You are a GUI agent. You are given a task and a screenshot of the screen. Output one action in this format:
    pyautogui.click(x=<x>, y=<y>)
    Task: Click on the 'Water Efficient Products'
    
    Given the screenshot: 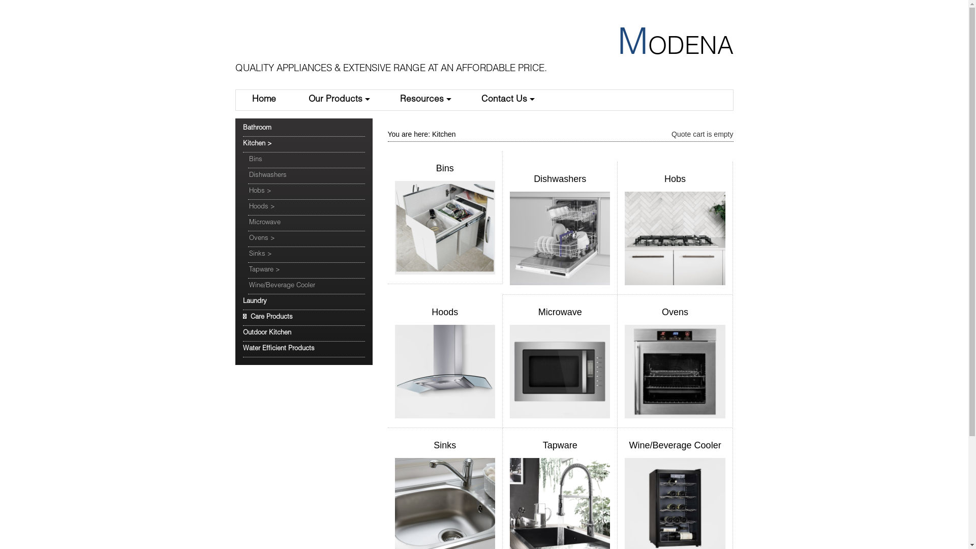 What is the action you would take?
    pyautogui.click(x=303, y=349)
    